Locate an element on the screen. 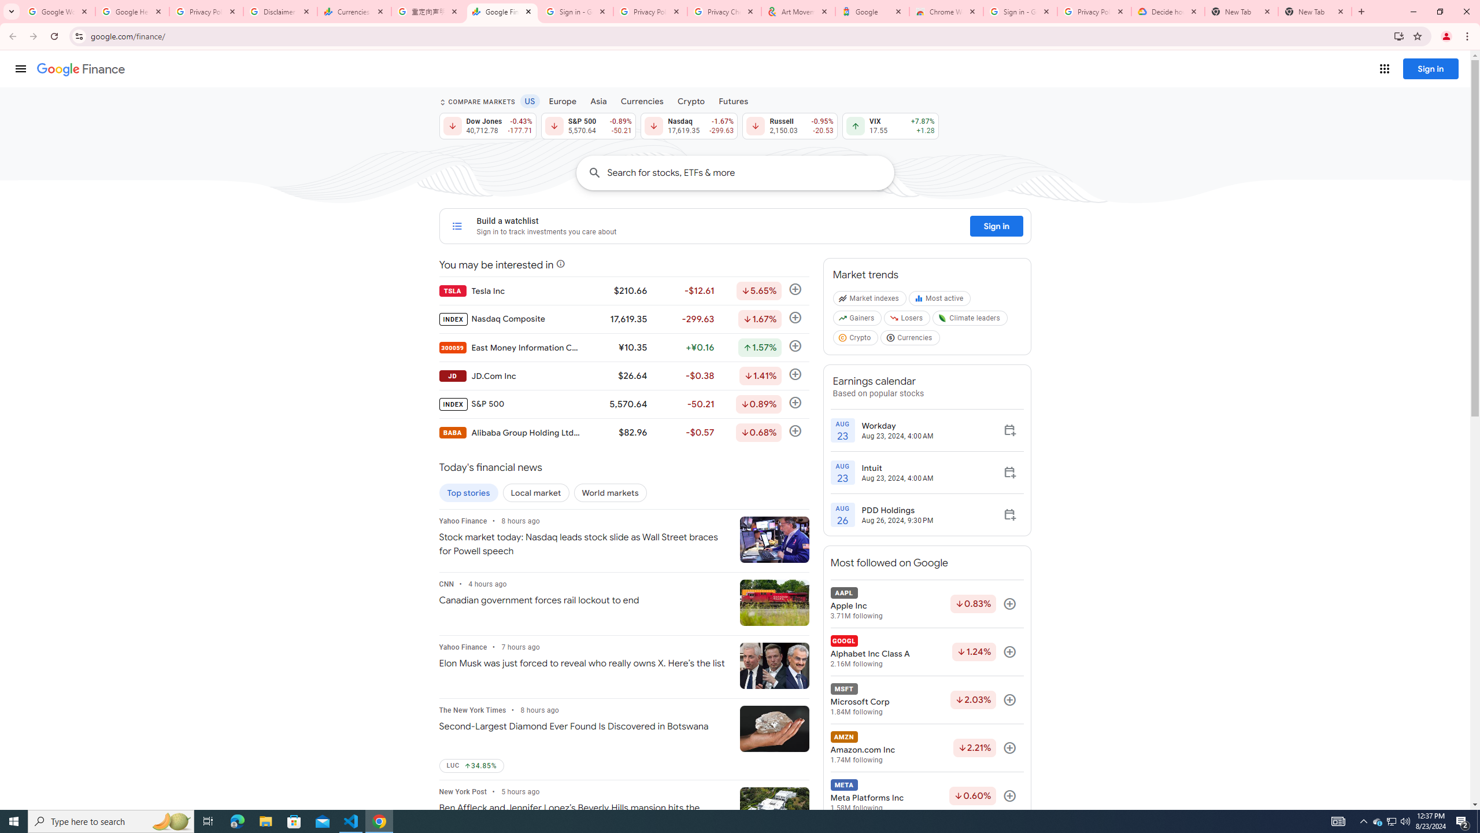 This screenshot has height=833, width=1480. 'Finance' is located at coordinates (80, 69).